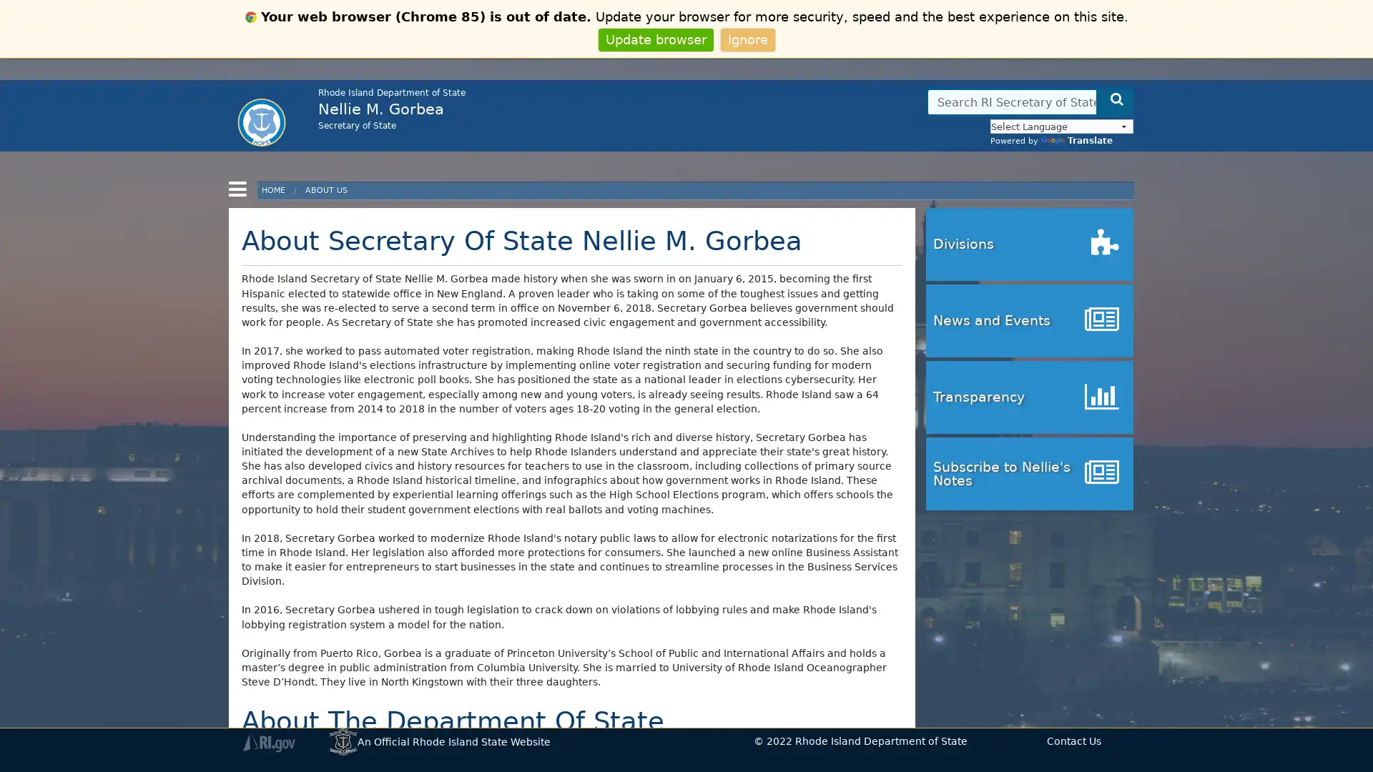  I want to click on Ignore, so click(747, 39).